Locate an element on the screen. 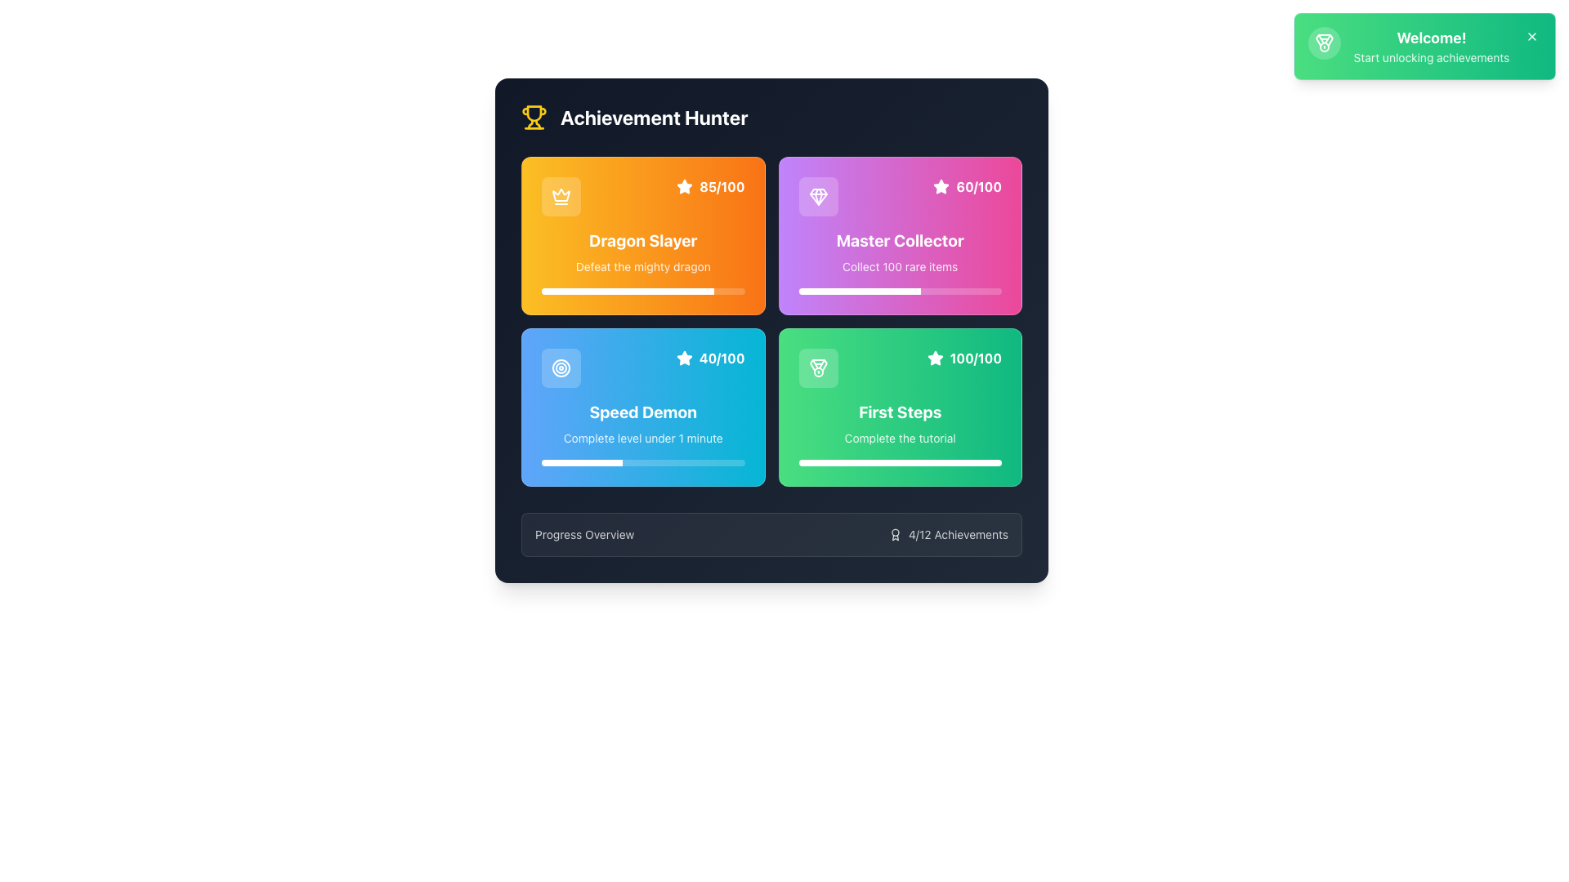 The image size is (1569, 882). contents of the text label displaying 'Speed Demon' in bold, white font, located in the lower-left card of a grid, above the text 'Complete level under 1 minute' is located at coordinates (642, 412).